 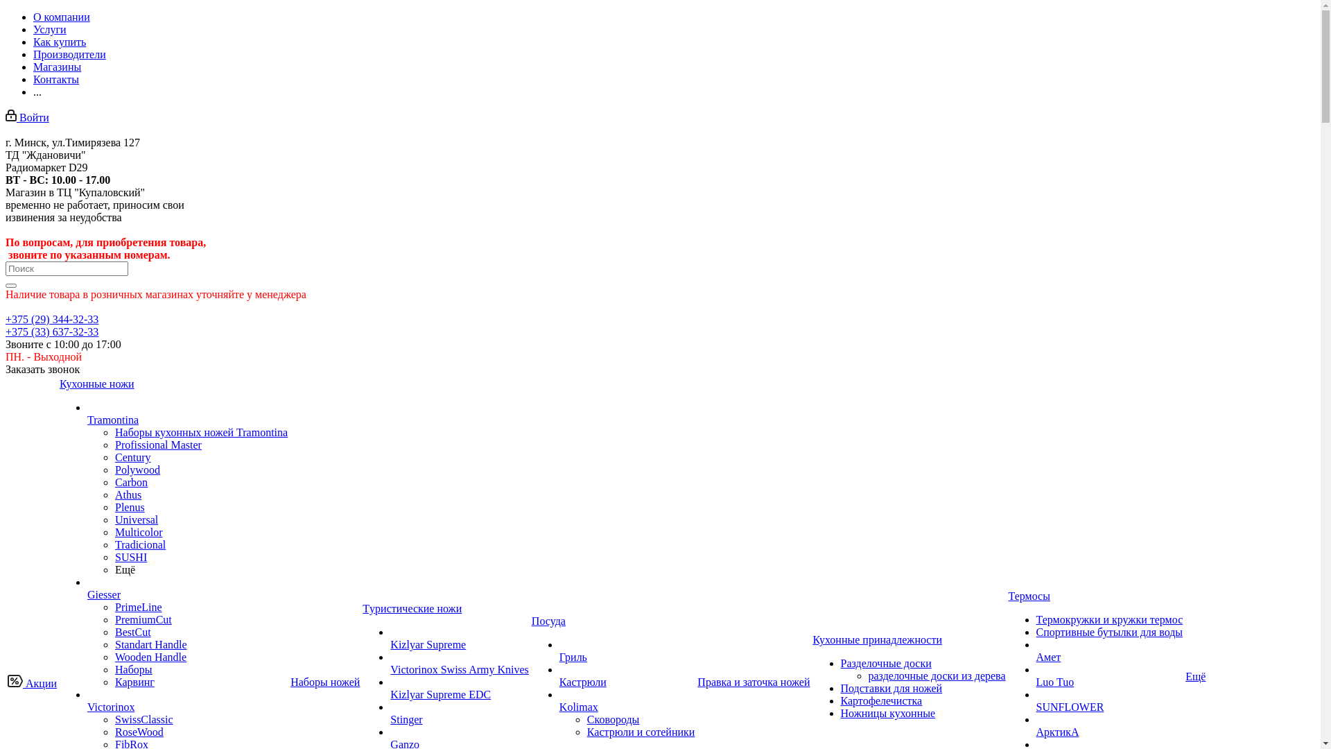 I want to click on 'Giesser', so click(x=103, y=594).